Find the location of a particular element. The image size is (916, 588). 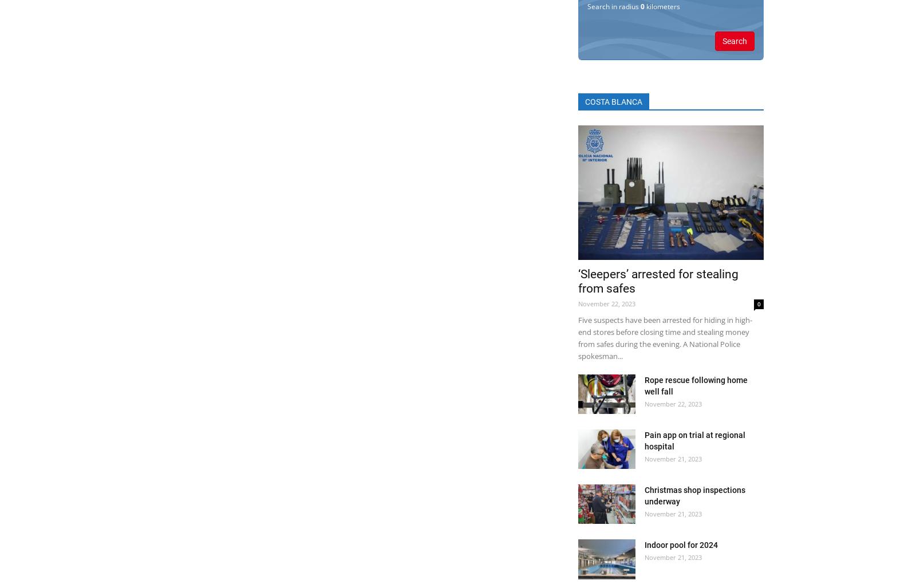

'Indoor pool for 2024' is located at coordinates (681, 545).